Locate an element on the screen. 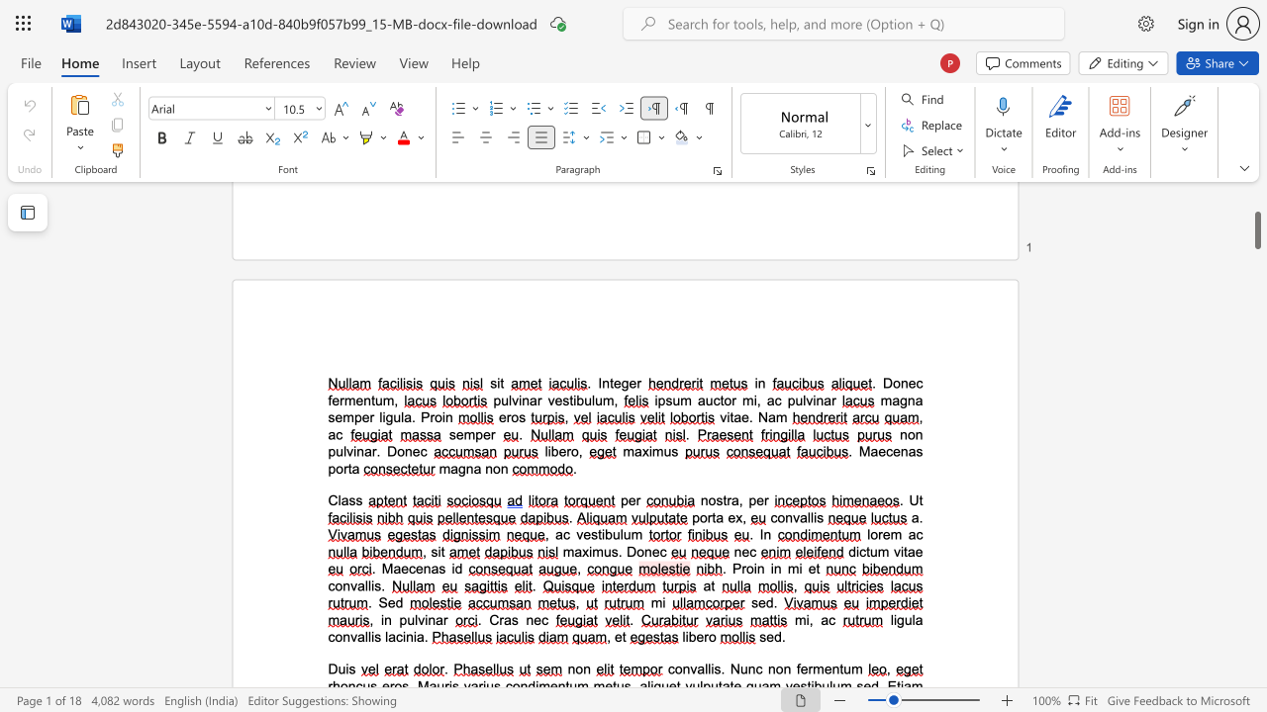  the 1th character "c" in the text is located at coordinates (888, 451).